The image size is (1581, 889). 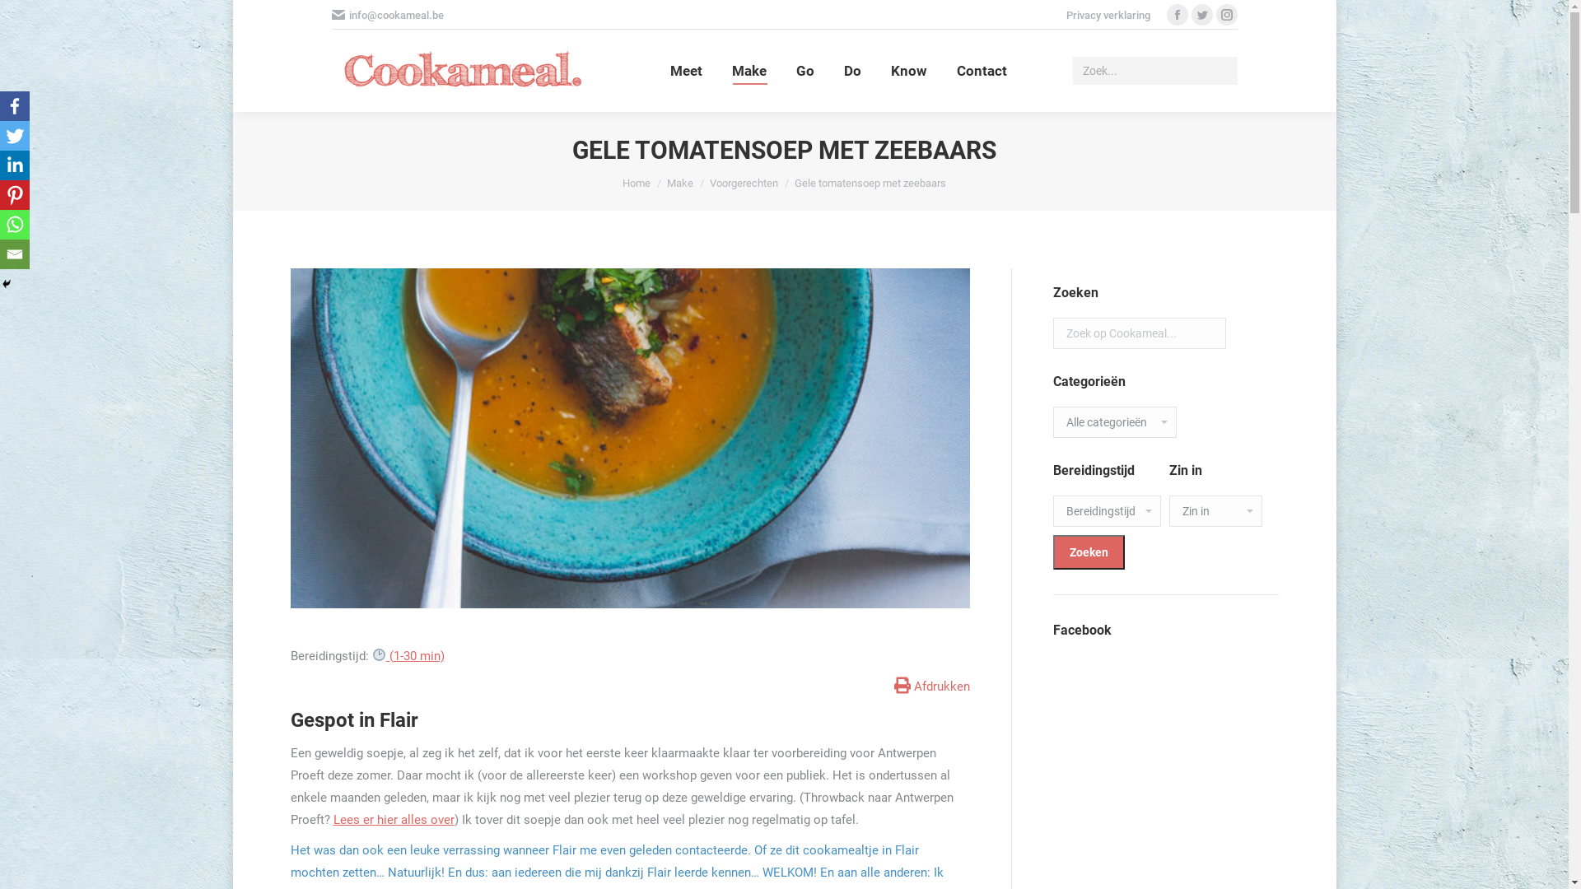 What do you see at coordinates (982, 69) in the screenshot?
I see `'Contact'` at bounding box center [982, 69].